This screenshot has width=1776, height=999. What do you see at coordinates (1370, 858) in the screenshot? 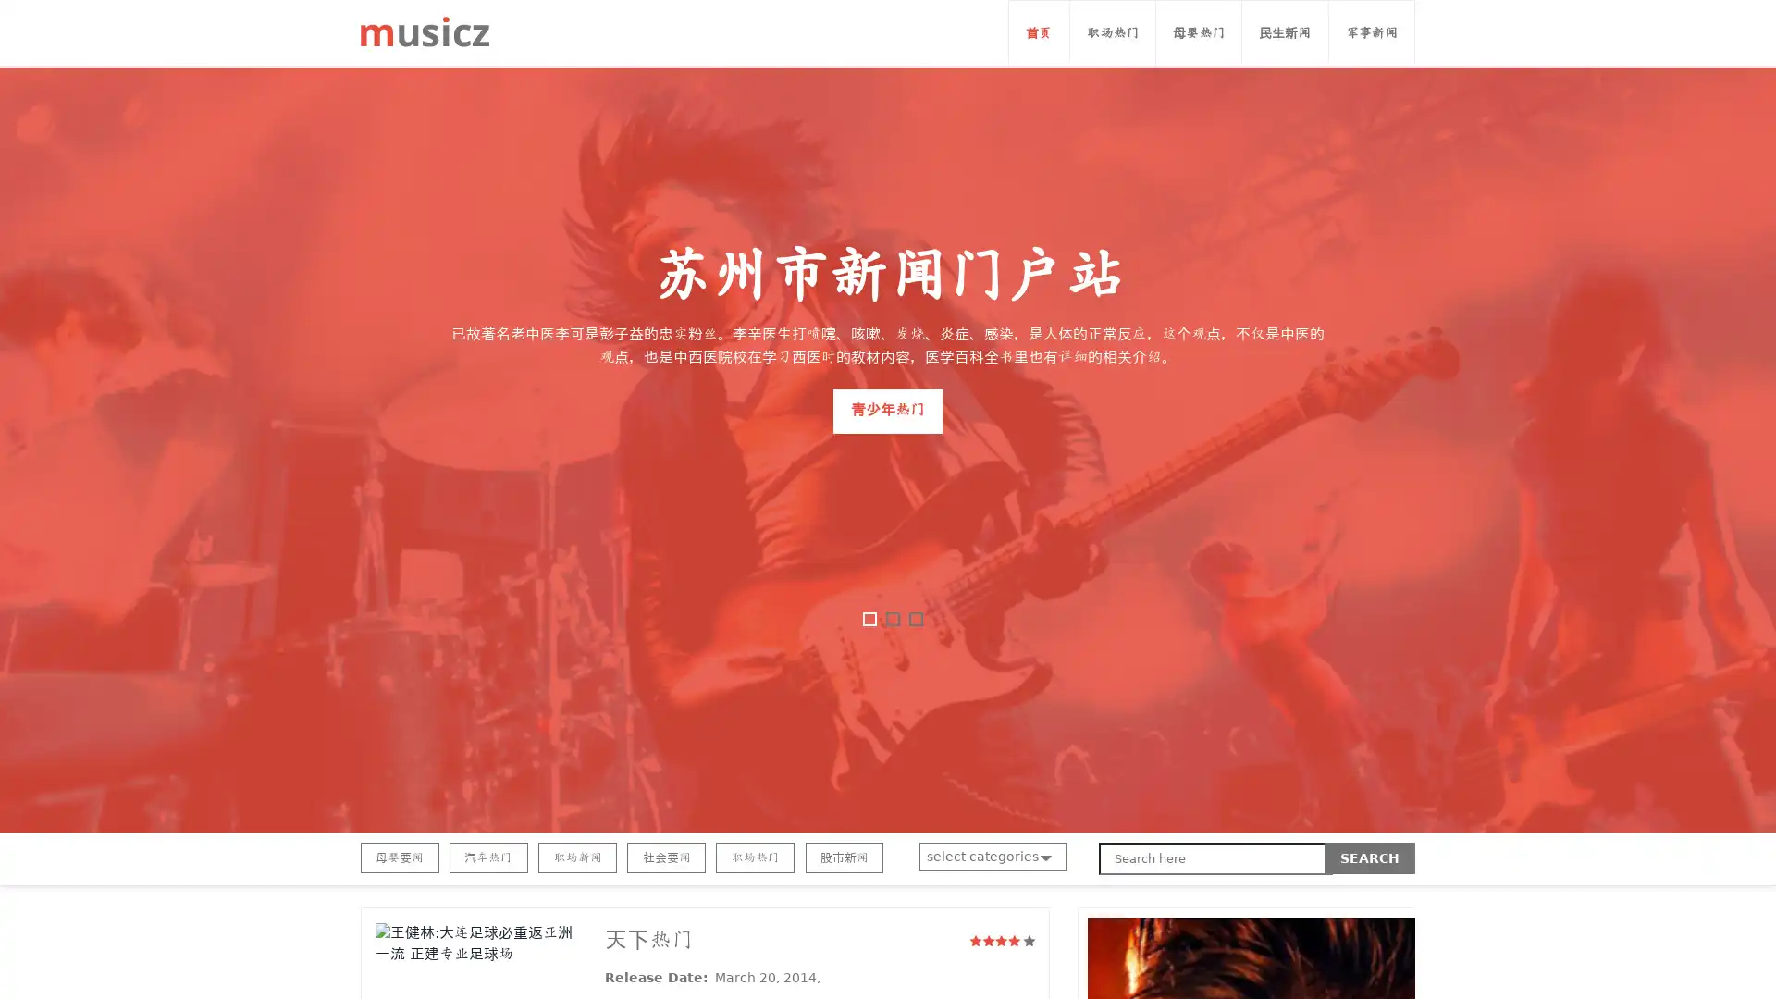
I see `search` at bounding box center [1370, 858].